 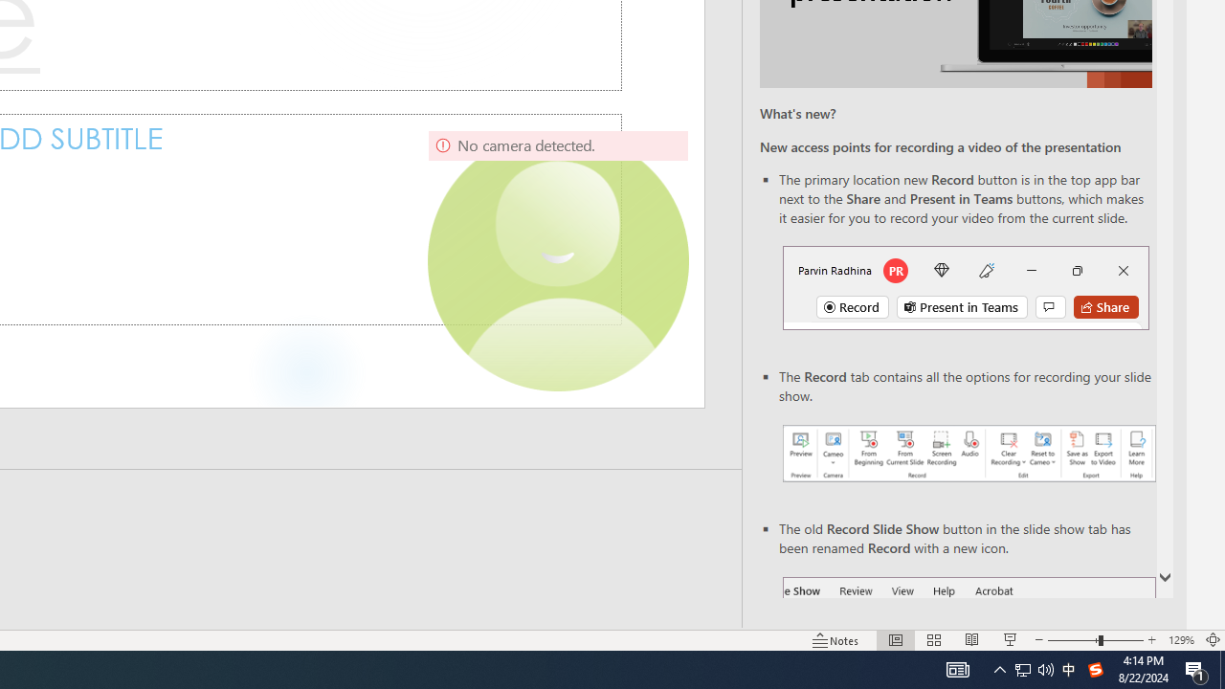 I want to click on 'Zoom 129%', so click(x=1180, y=640).